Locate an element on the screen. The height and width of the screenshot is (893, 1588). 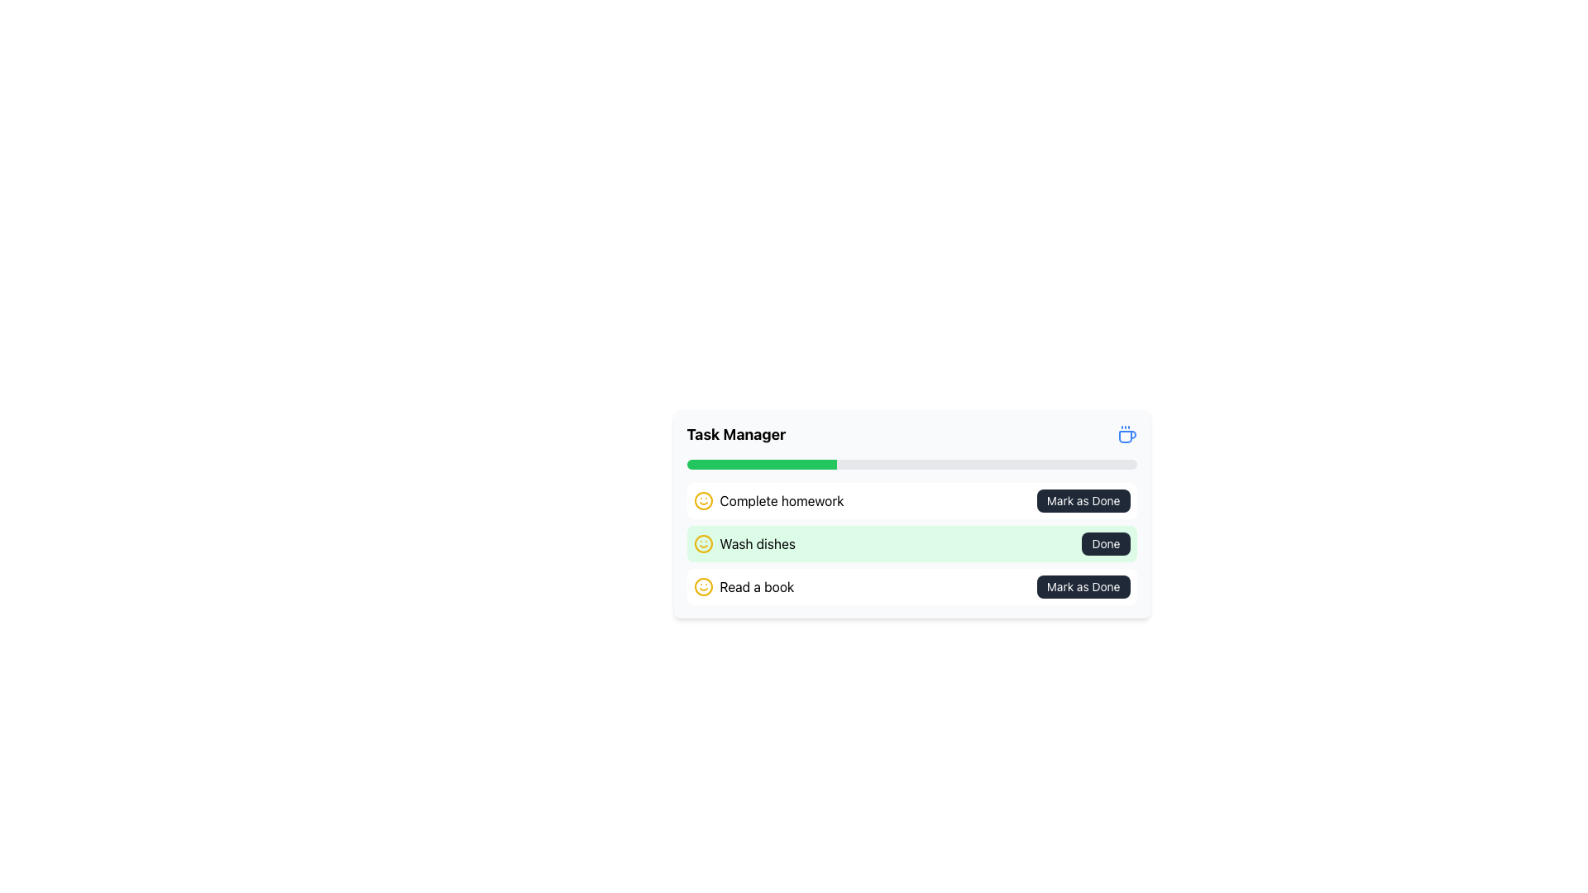
the task status indicator icon representing a happy or completed task state, located to the left of the text 'Read a book' is located at coordinates (703, 585).